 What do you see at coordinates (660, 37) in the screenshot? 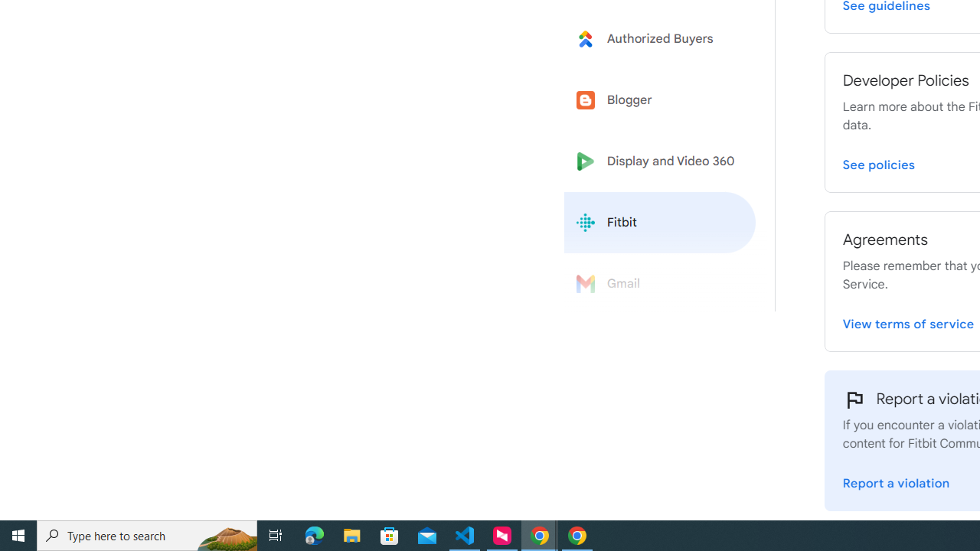
I see `'Learn more about Authorized Buyers'` at bounding box center [660, 37].